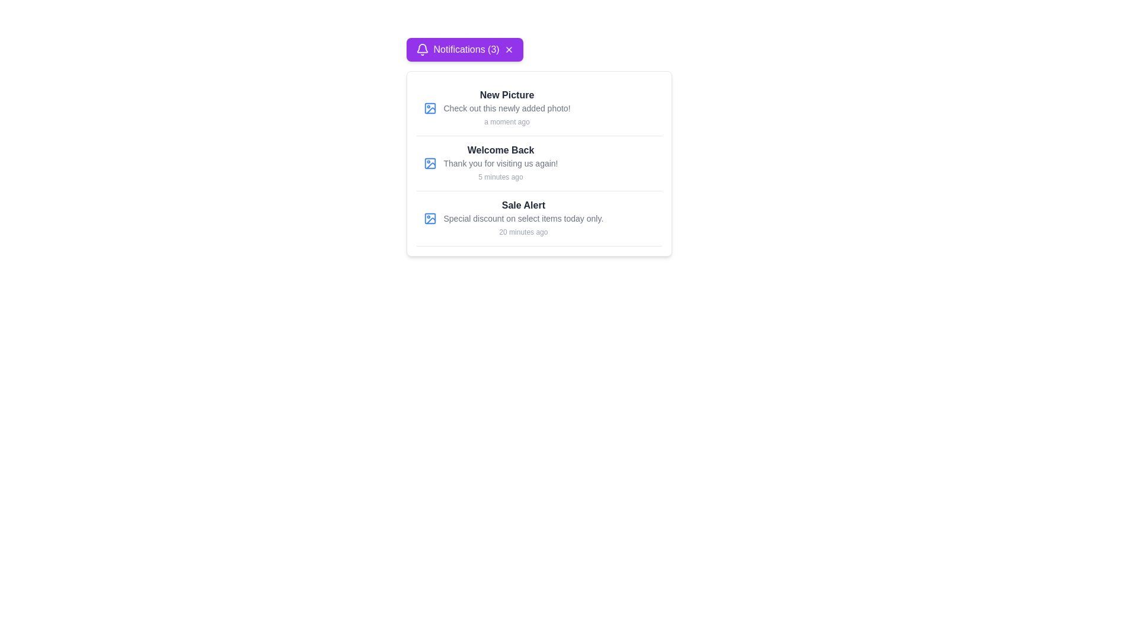 The image size is (1138, 640). I want to click on the text element displaying 'Thank you for visiting us again!', which is styled in a smaller, gray font and positioned below the 'Welcome Back' heading, so click(500, 164).